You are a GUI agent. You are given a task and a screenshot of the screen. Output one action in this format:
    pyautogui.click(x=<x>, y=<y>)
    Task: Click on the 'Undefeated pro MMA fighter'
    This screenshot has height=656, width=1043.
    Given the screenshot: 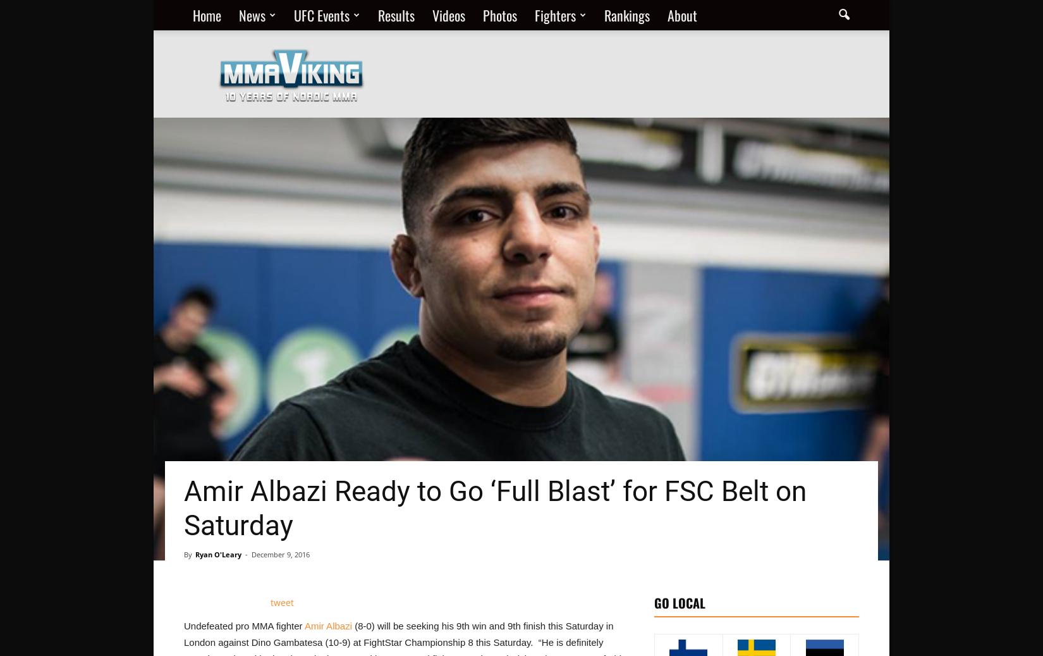 What is the action you would take?
    pyautogui.click(x=243, y=626)
    